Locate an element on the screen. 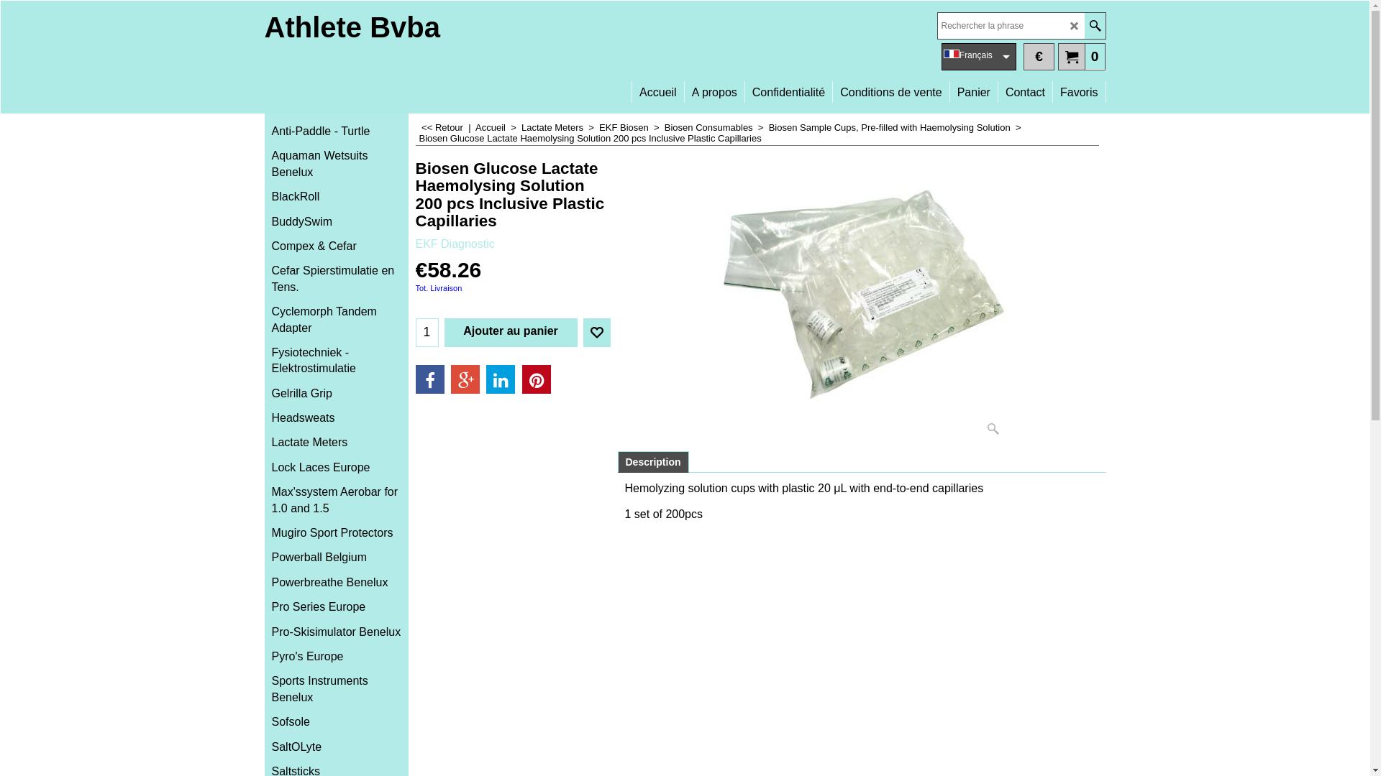 The width and height of the screenshot is (1381, 776). 'Cefar Spierstimulatie en Tens.' is located at coordinates (336, 279).